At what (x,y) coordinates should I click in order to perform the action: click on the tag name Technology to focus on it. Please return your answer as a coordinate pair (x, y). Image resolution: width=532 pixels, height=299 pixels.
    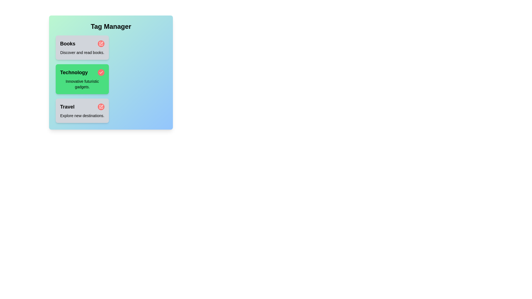
    Looking at the image, I should click on (74, 72).